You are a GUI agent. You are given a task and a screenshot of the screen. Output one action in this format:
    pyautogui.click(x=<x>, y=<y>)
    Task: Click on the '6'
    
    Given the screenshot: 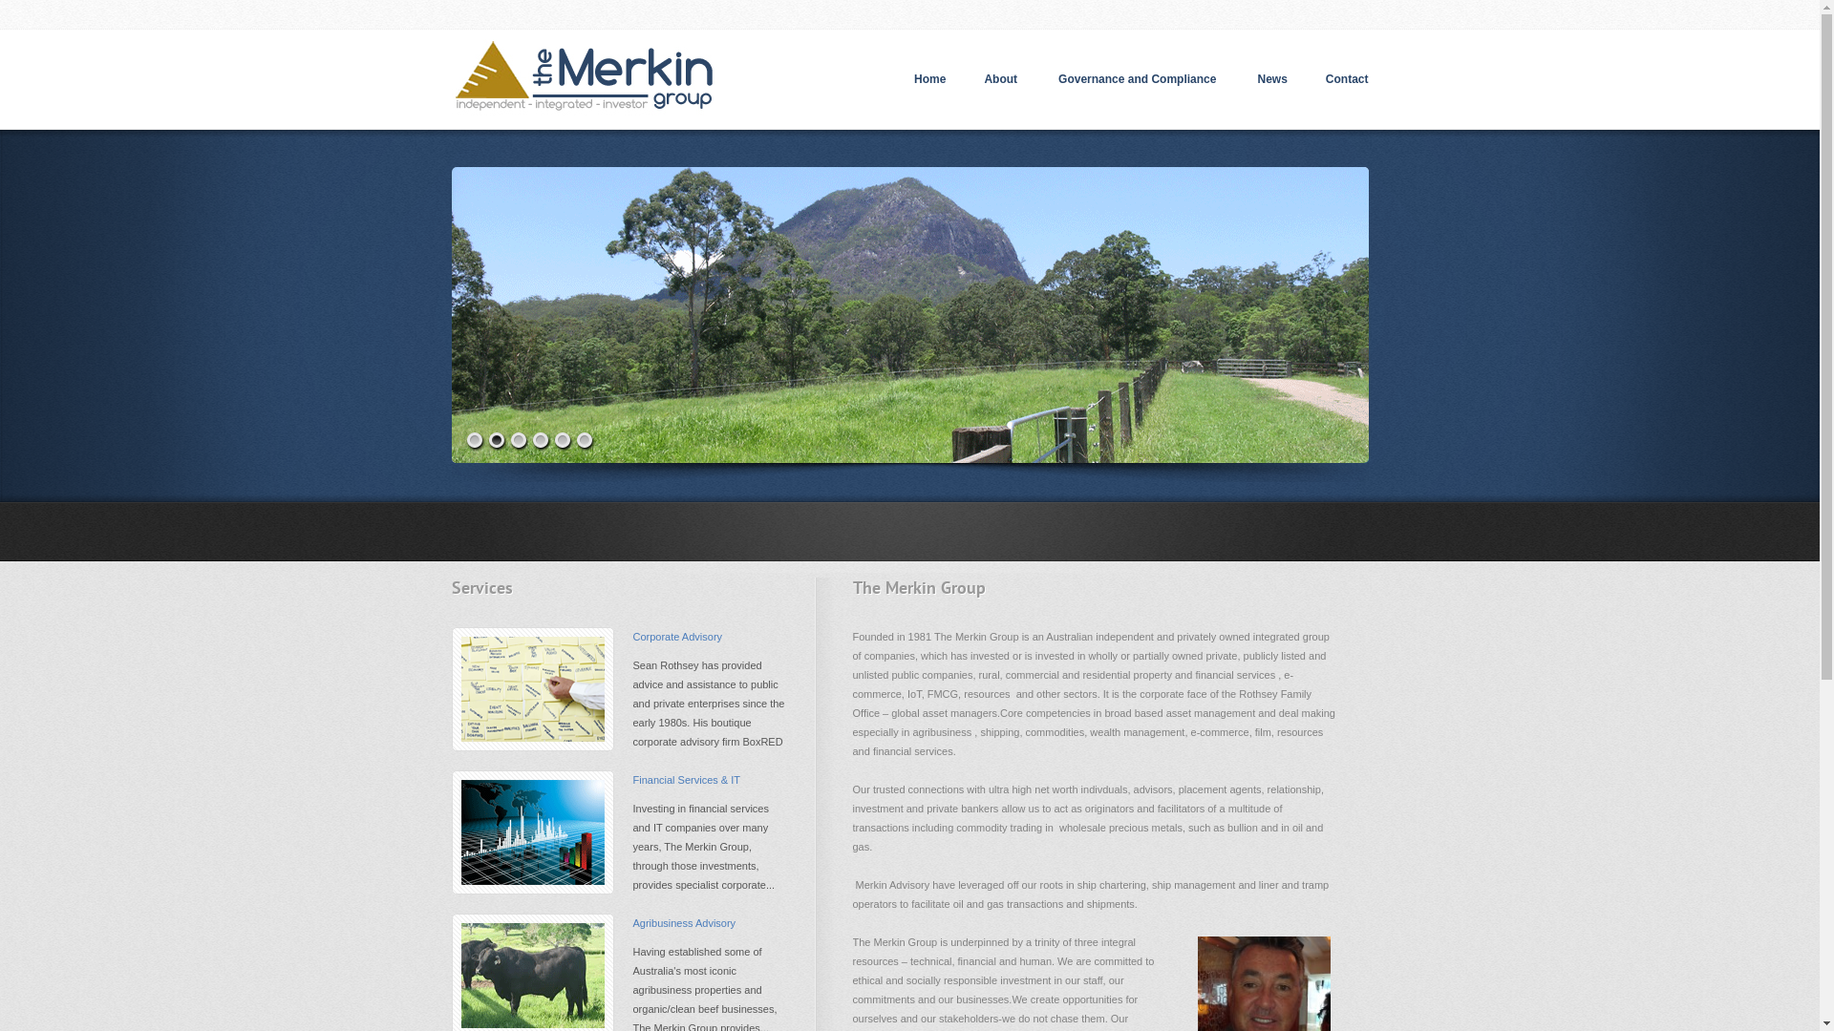 What is the action you would take?
    pyautogui.click(x=583, y=442)
    